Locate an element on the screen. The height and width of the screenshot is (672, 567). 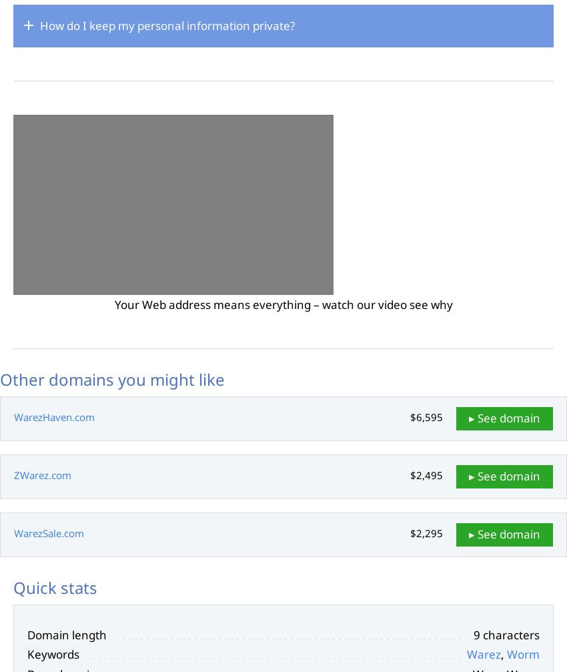
'$2,295' is located at coordinates (426, 532).